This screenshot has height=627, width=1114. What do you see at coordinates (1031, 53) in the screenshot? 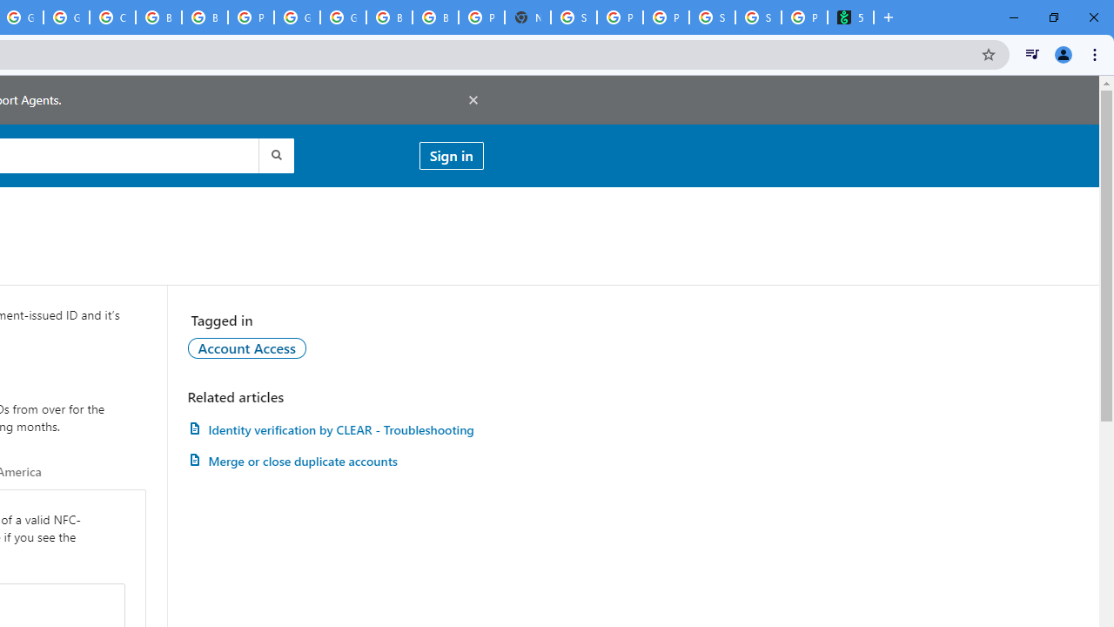
I see `'Control your music, videos, and more'` at bounding box center [1031, 53].